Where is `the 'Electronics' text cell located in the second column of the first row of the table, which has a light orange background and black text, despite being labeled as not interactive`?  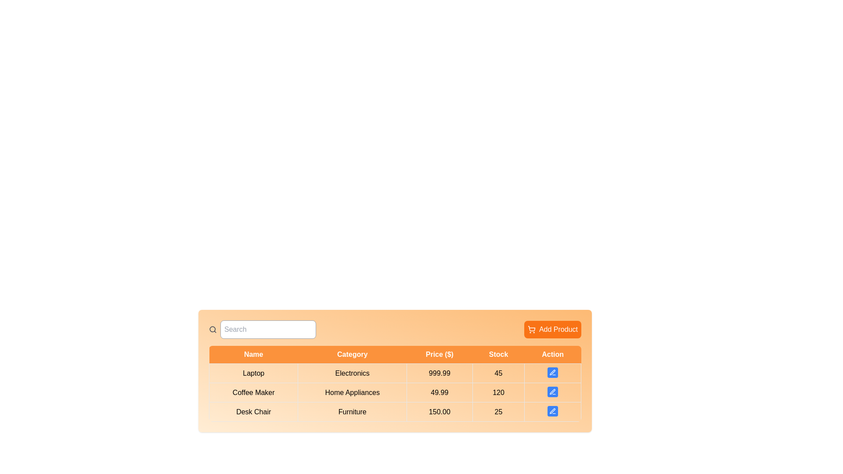 the 'Electronics' text cell located in the second column of the first row of the table, which has a light orange background and black text, despite being labeled as not interactive is located at coordinates (352, 373).